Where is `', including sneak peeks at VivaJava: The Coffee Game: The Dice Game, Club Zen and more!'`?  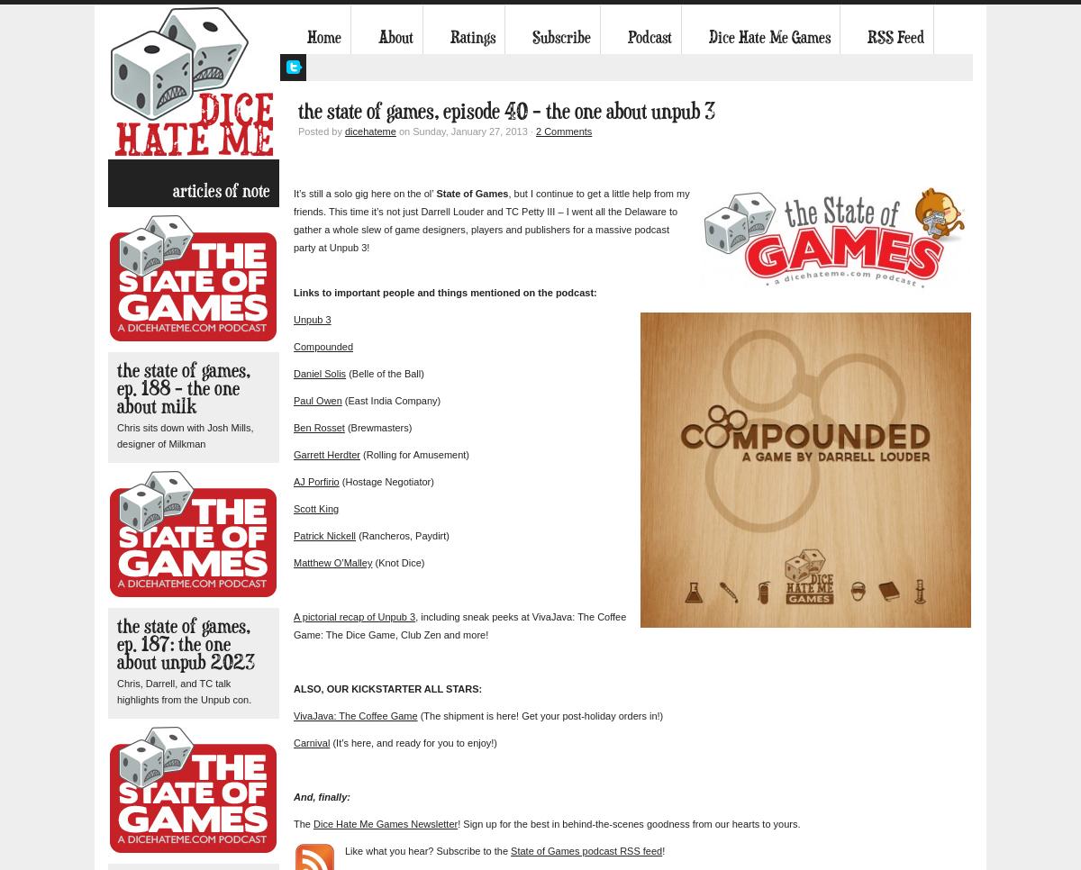 ', including sneak peeks at VivaJava: The Coffee Game: The Dice Game, Club Zen and more!' is located at coordinates (459, 625).